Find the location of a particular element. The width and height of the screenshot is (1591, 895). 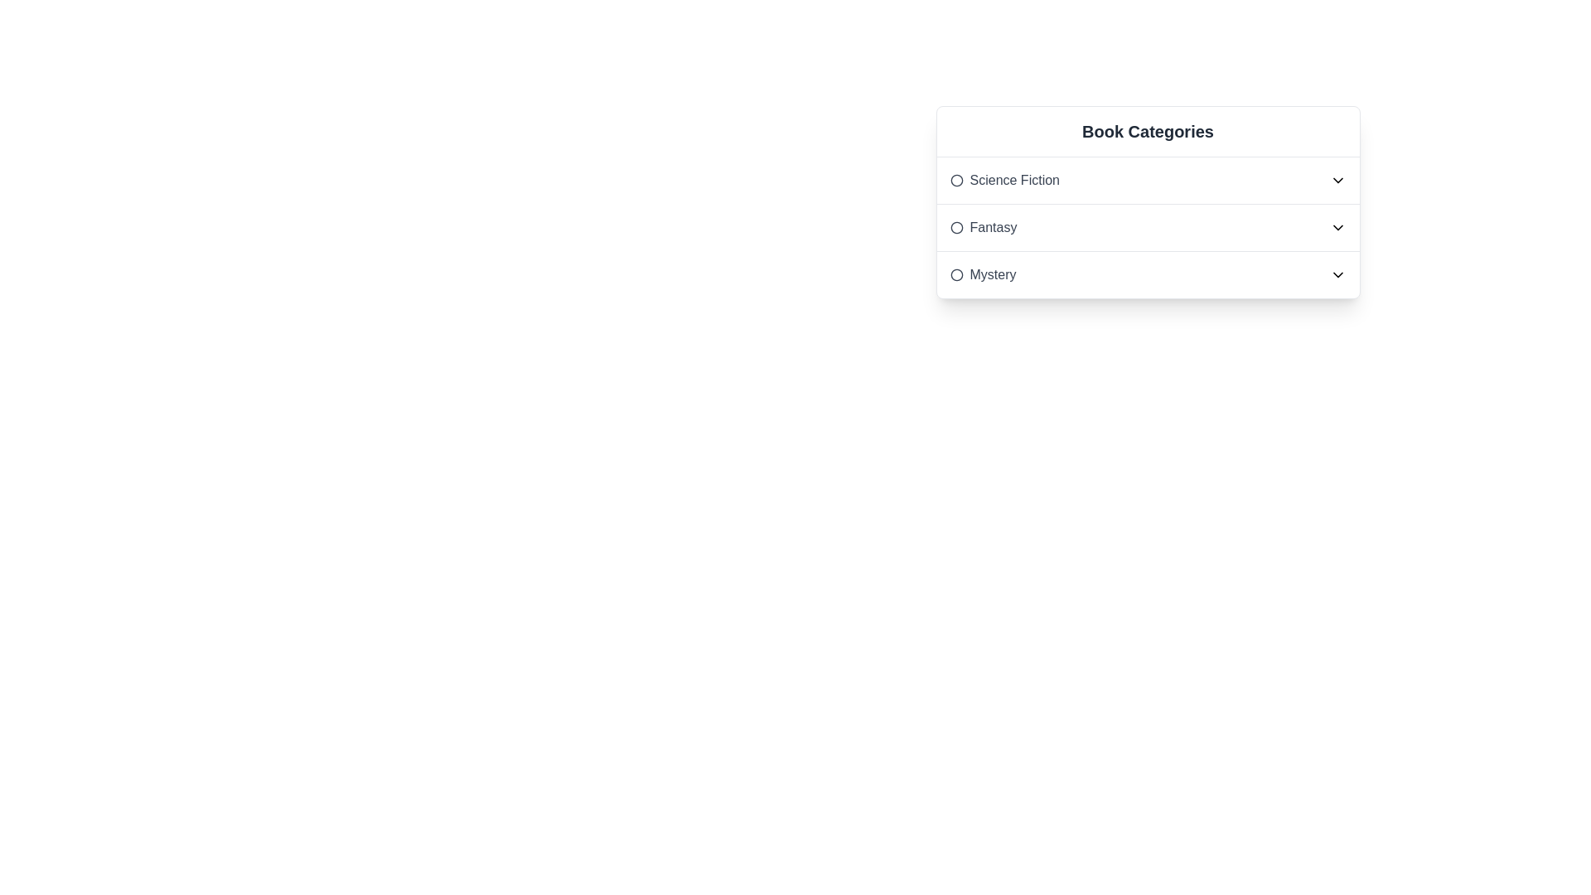

the expandable/collapsible icon for the 'Fantasy' category in the 'Book Categories' list is located at coordinates (1337, 227).